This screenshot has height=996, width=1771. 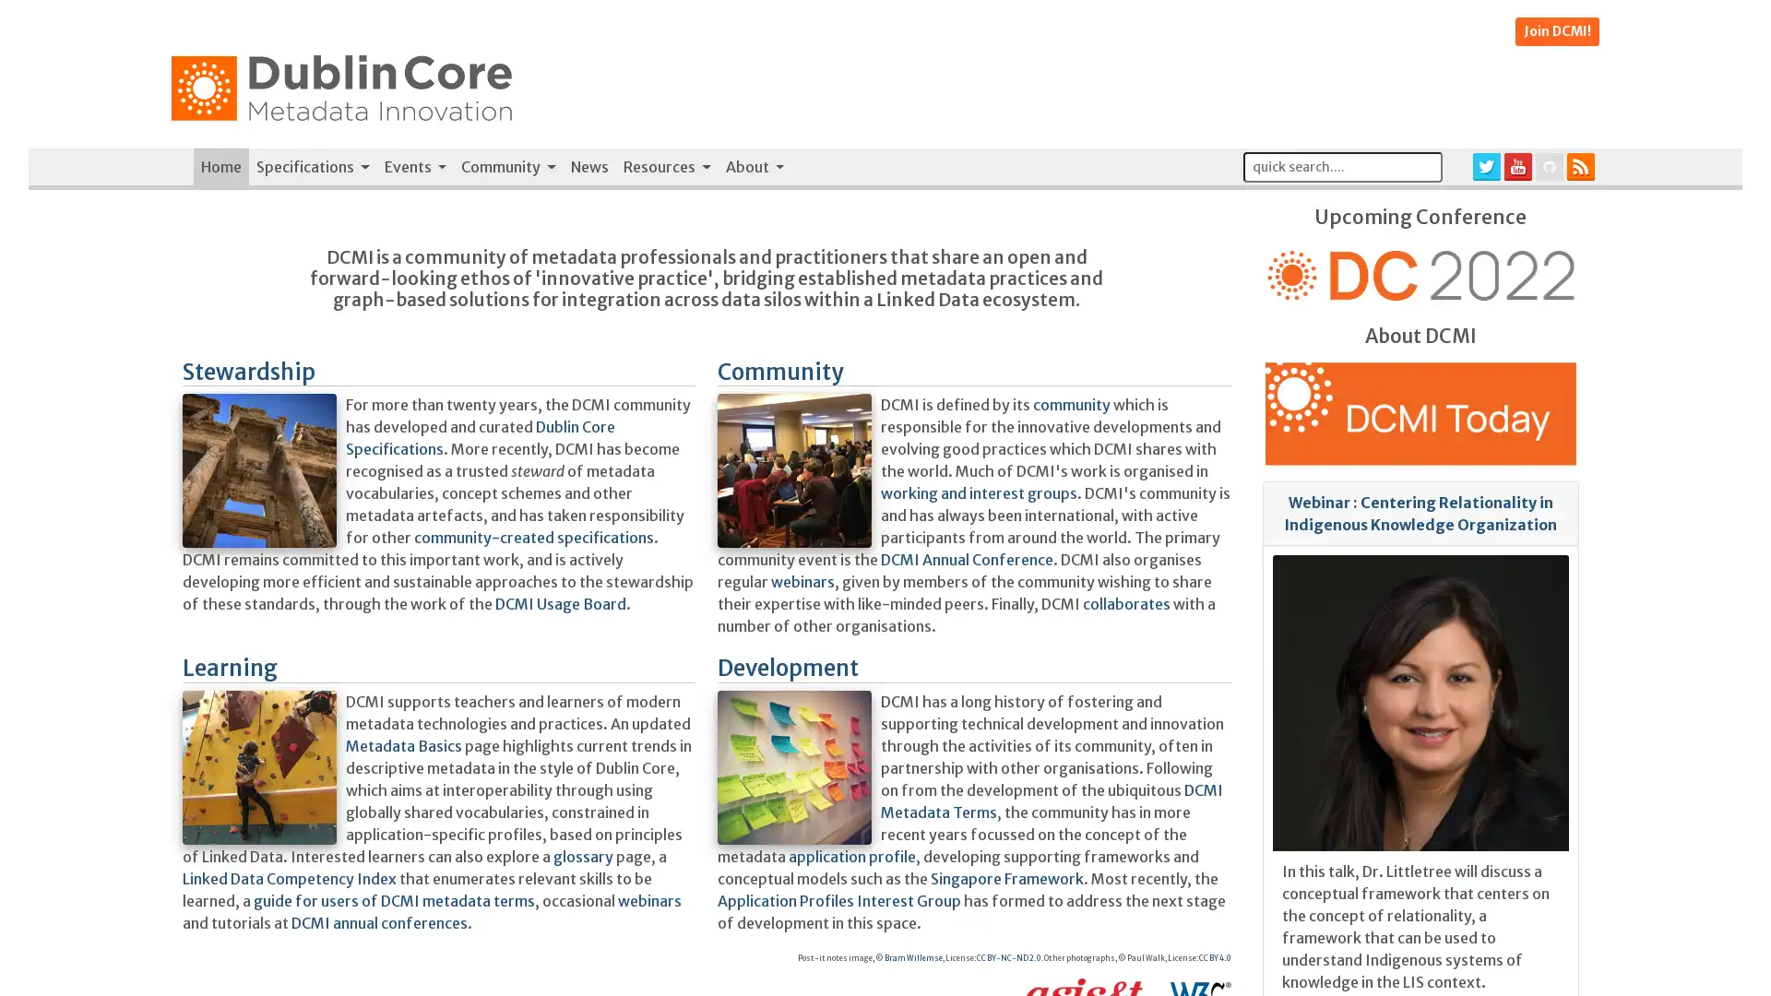 What do you see at coordinates (1556, 31) in the screenshot?
I see `Join DCMI!` at bounding box center [1556, 31].